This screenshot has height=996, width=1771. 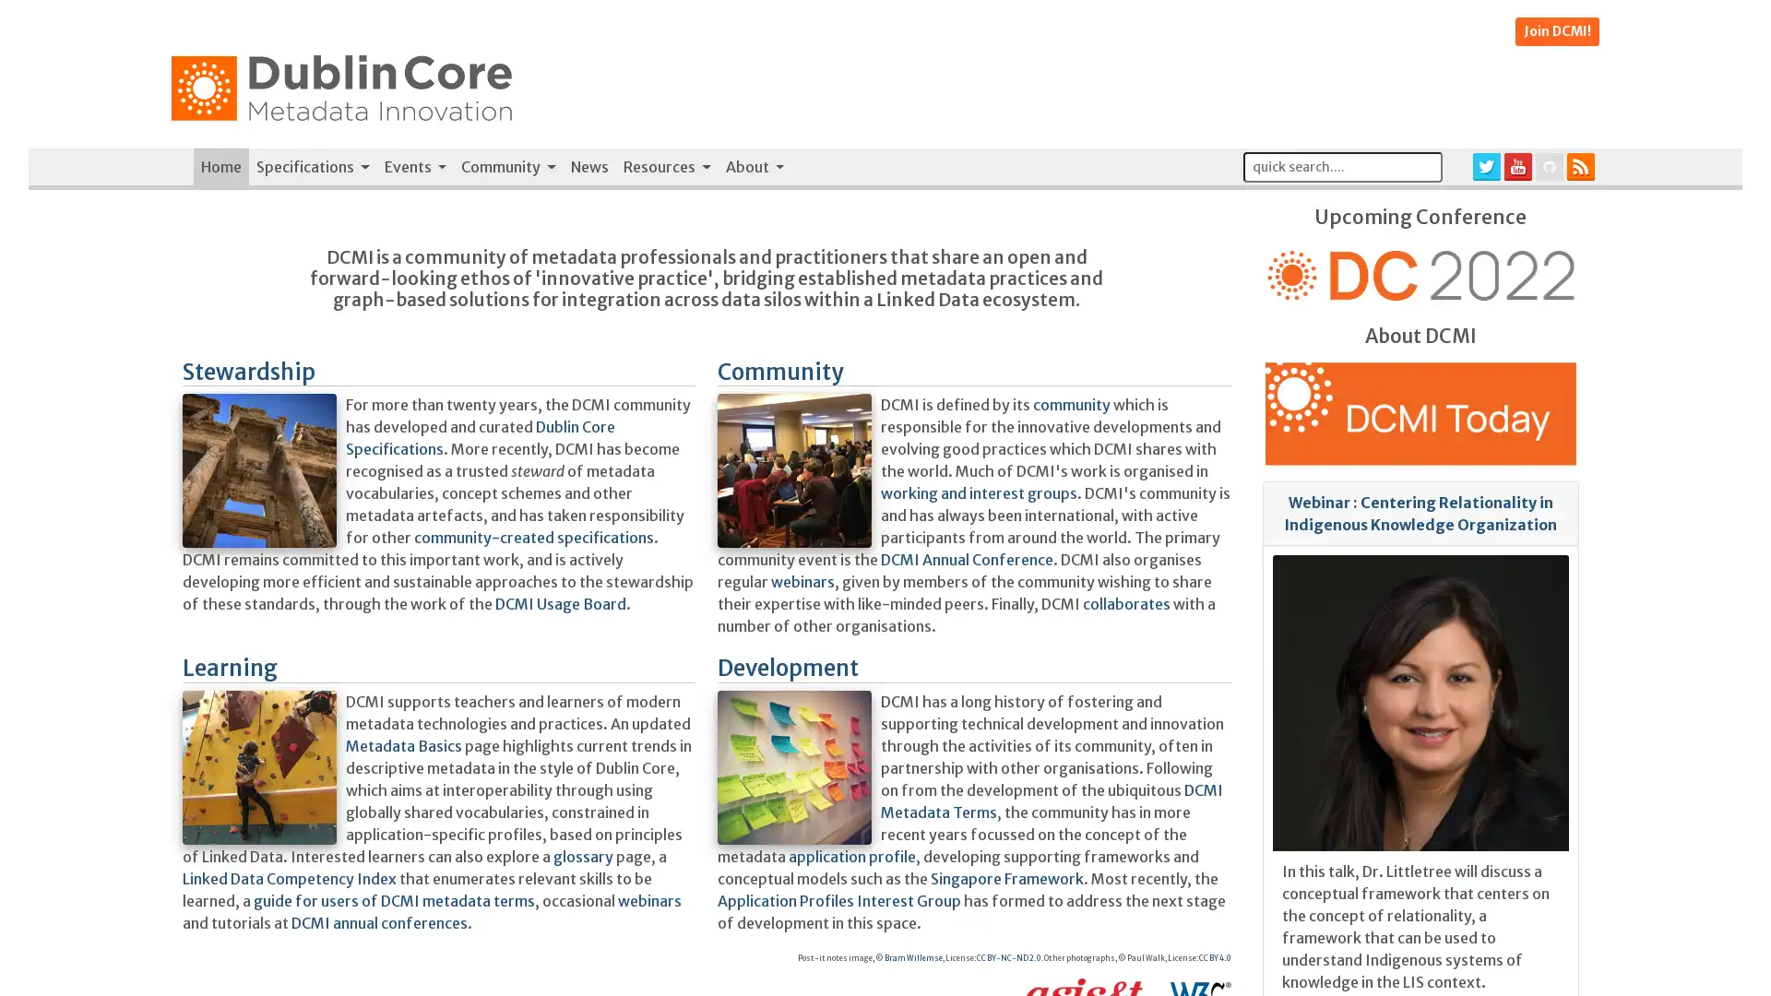 What do you see at coordinates (1556, 31) in the screenshot?
I see `Join DCMI!` at bounding box center [1556, 31].